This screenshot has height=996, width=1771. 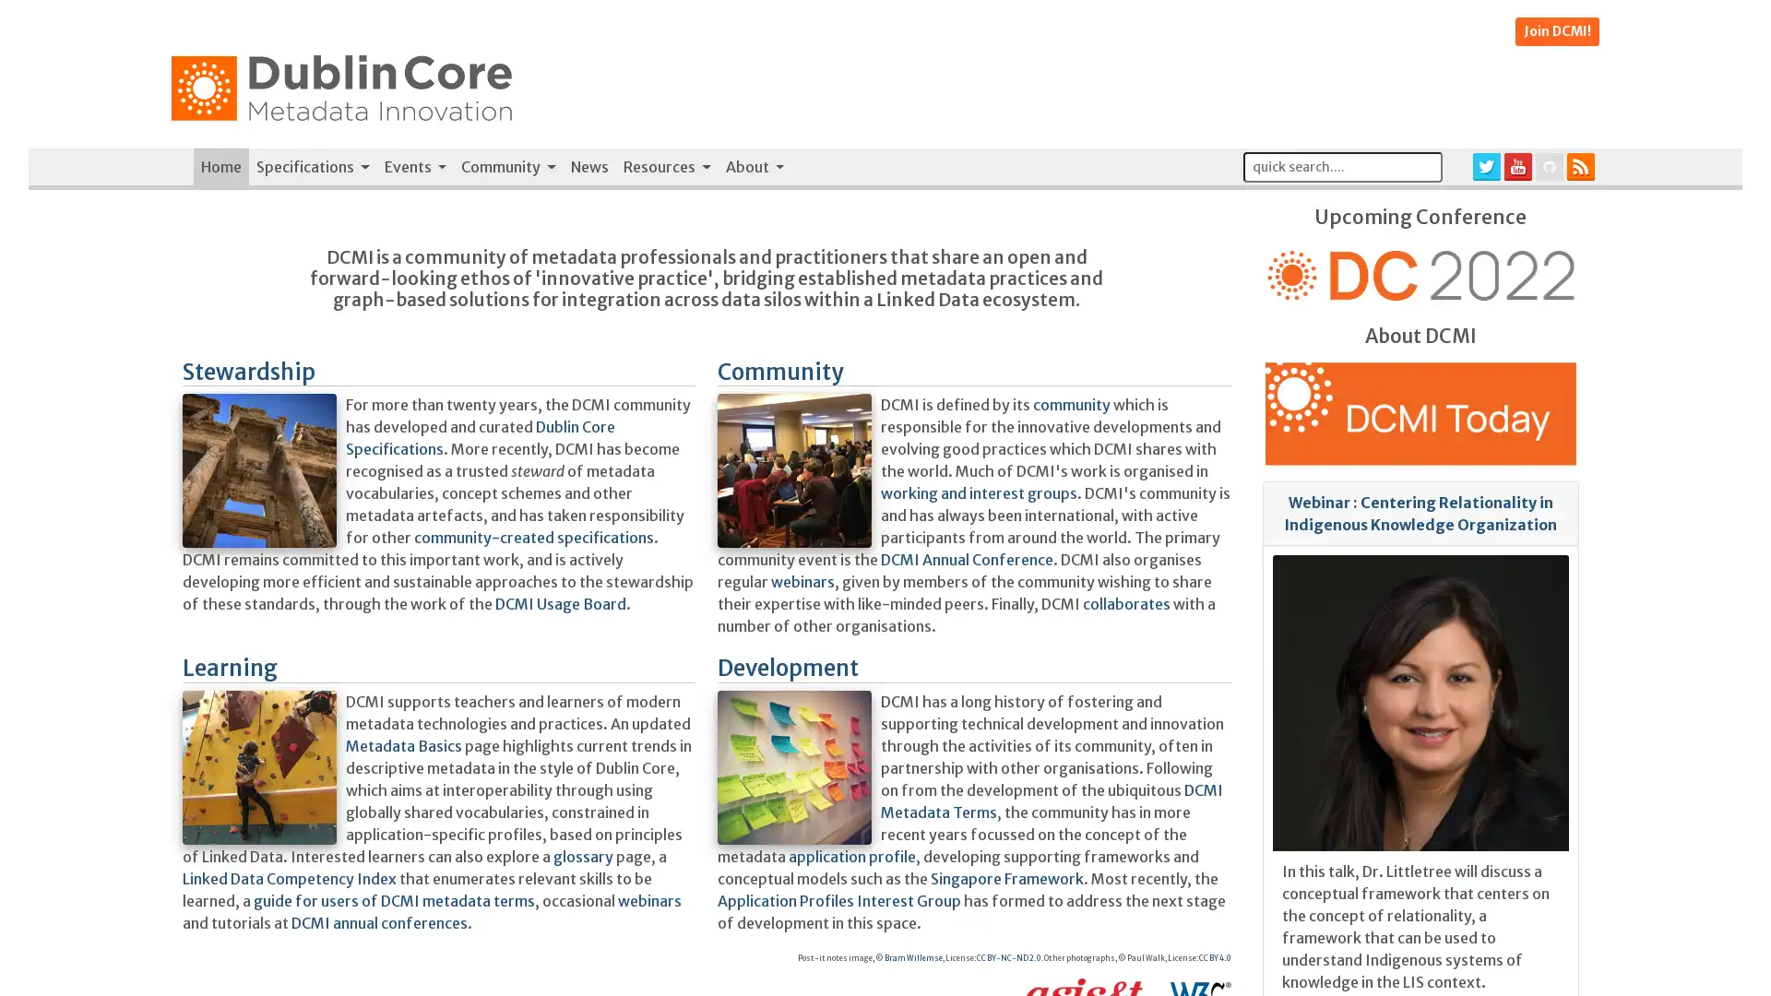 What do you see at coordinates (1556, 31) in the screenshot?
I see `Join DCMI!` at bounding box center [1556, 31].